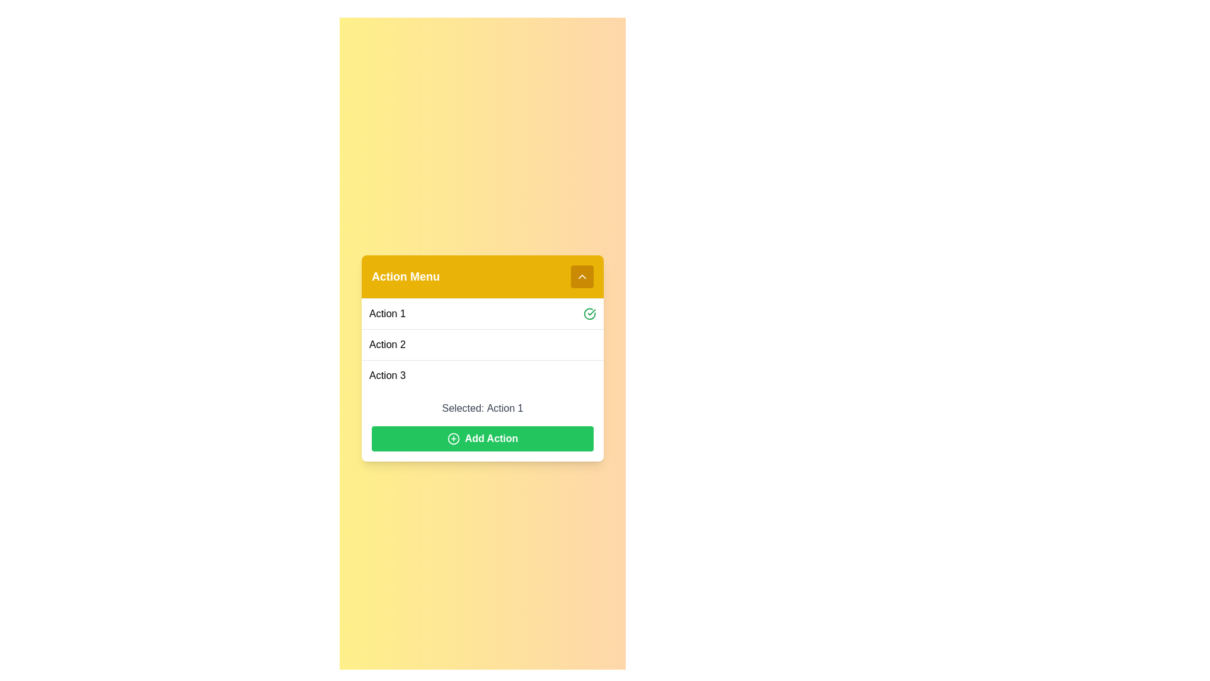  I want to click on the small yellow button with an upward-pointing chevron icon located at the far right side of the 'Action Menu' header, so click(582, 276).